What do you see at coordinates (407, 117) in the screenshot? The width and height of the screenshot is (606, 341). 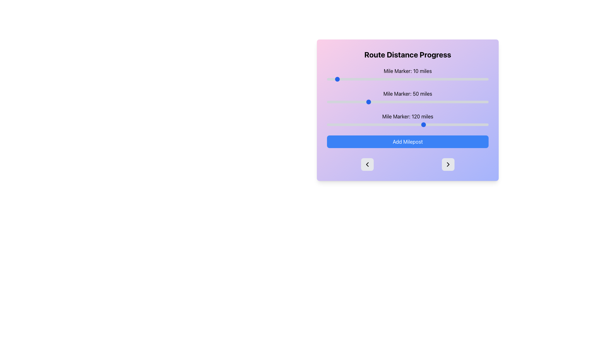 I see `the static text displaying 'Mile Marker: 120 miles', which is positioned within the 'Route Distance Progress' card, located near the lower middle of the card above the corresponding slider` at bounding box center [407, 117].